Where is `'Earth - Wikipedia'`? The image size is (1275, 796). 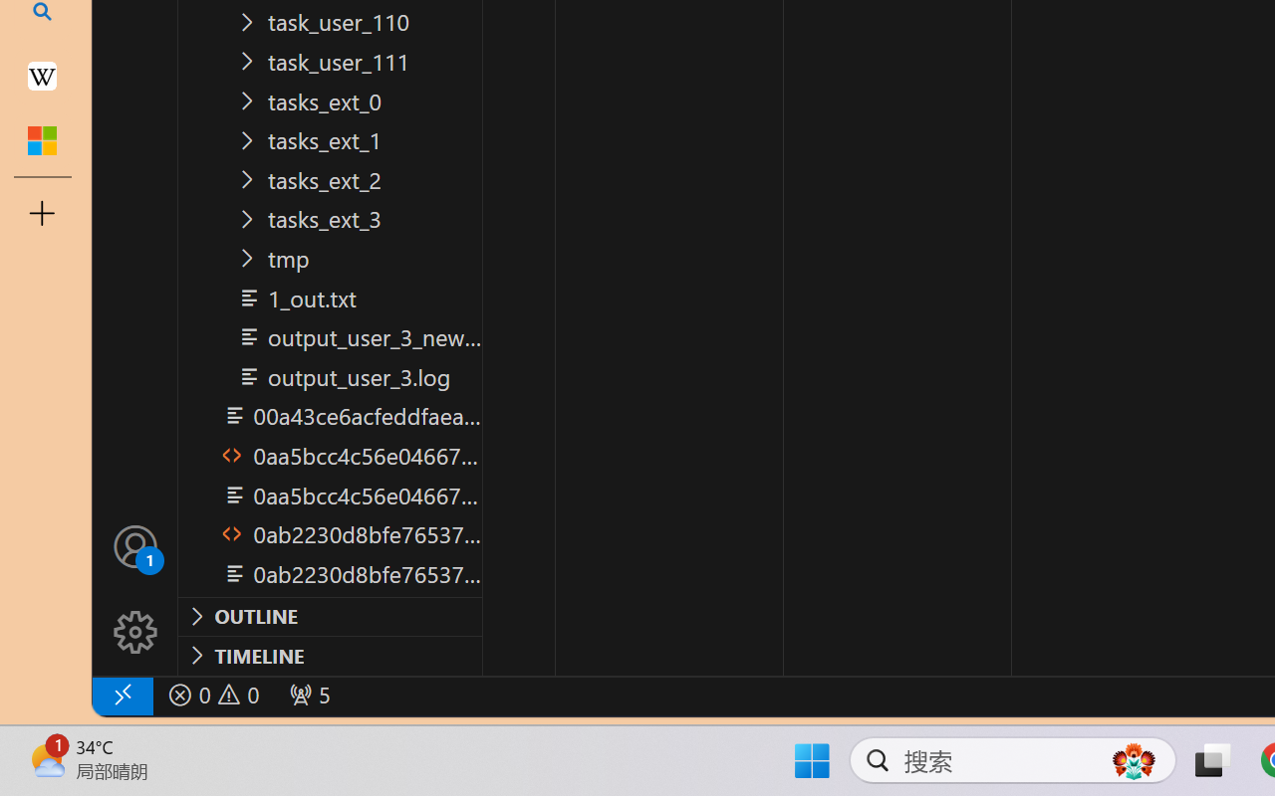 'Earth - Wikipedia' is located at coordinates (42, 76).